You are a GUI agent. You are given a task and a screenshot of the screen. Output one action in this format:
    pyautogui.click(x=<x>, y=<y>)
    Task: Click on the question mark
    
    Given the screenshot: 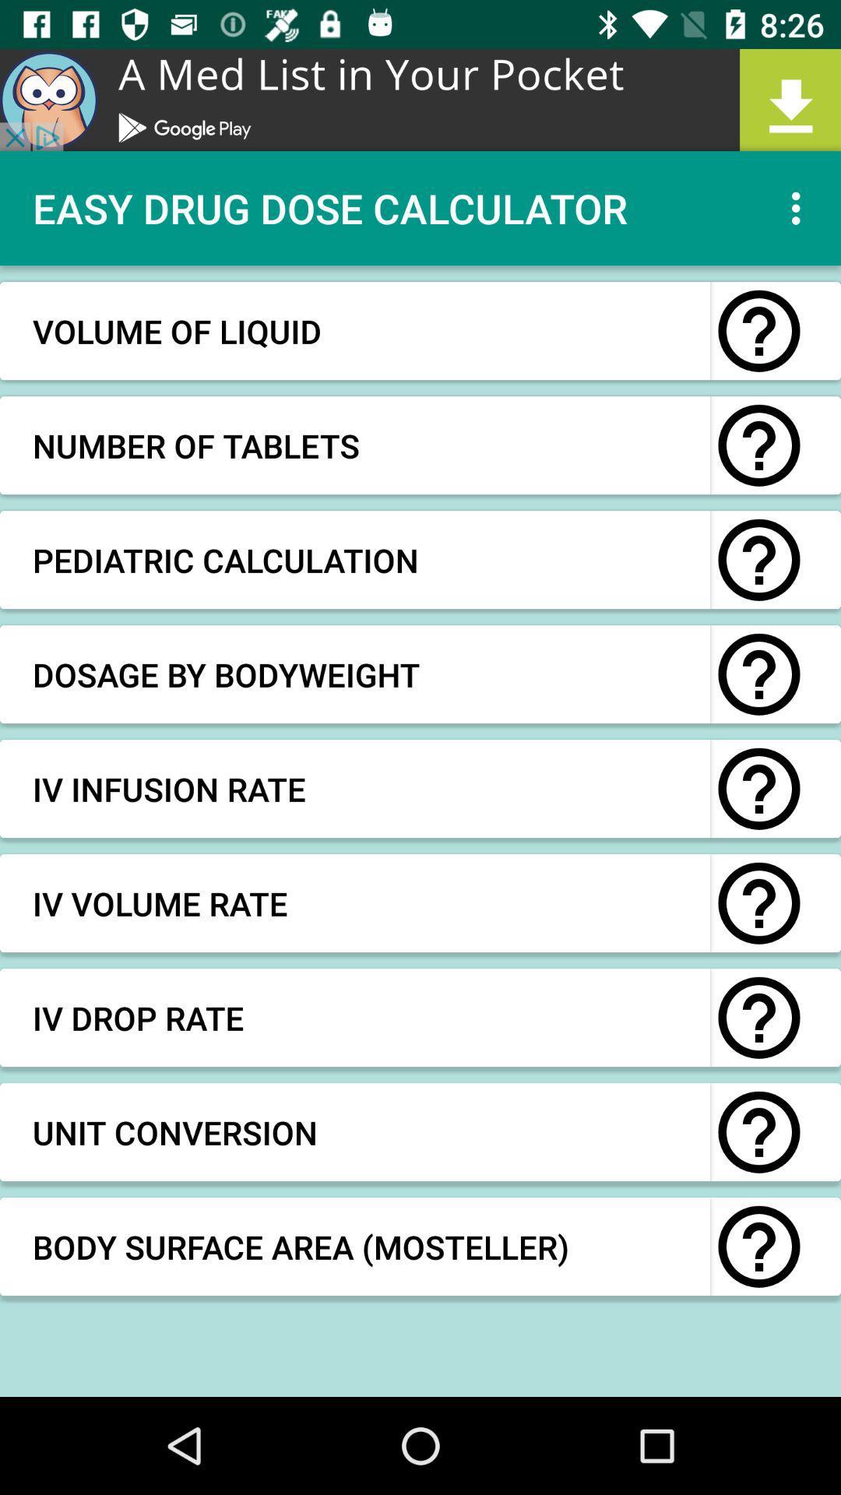 What is the action you would take?
    pyautogui.click(x=758, y=1247)
    